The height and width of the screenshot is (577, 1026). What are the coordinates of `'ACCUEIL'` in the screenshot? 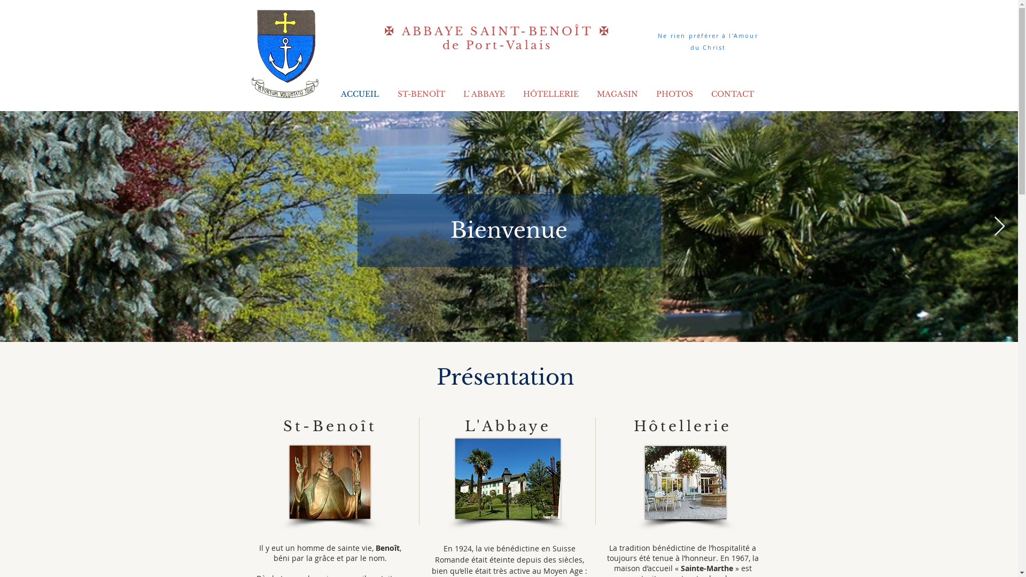 It's located at (330, 93).